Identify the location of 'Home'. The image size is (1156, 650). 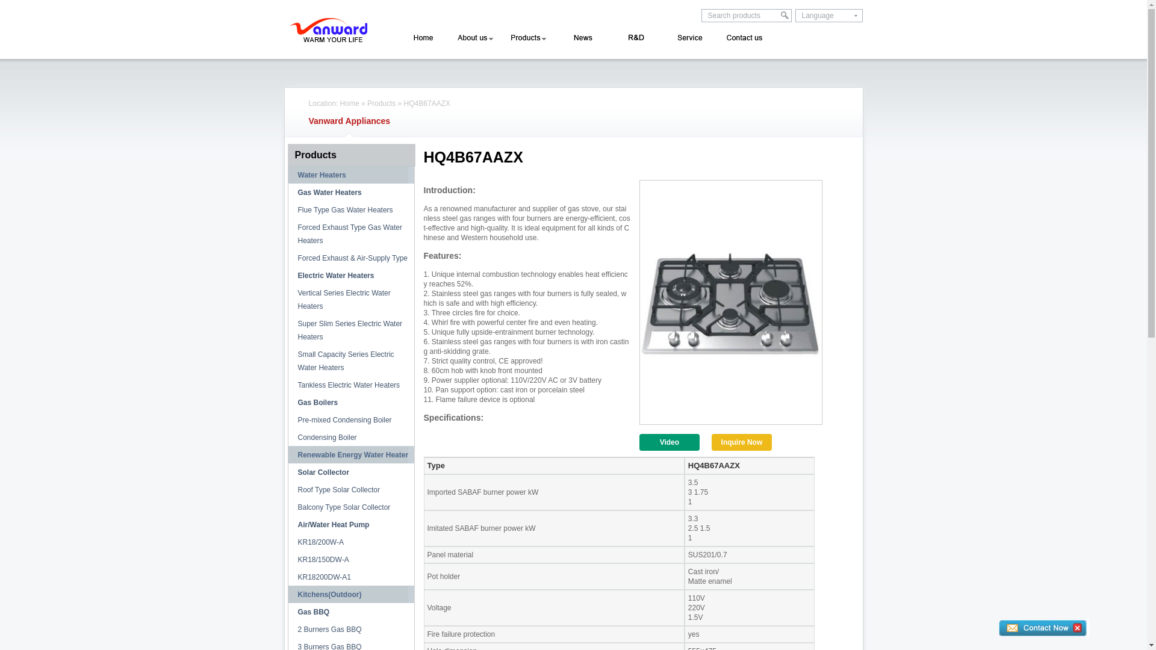
(423, 37).